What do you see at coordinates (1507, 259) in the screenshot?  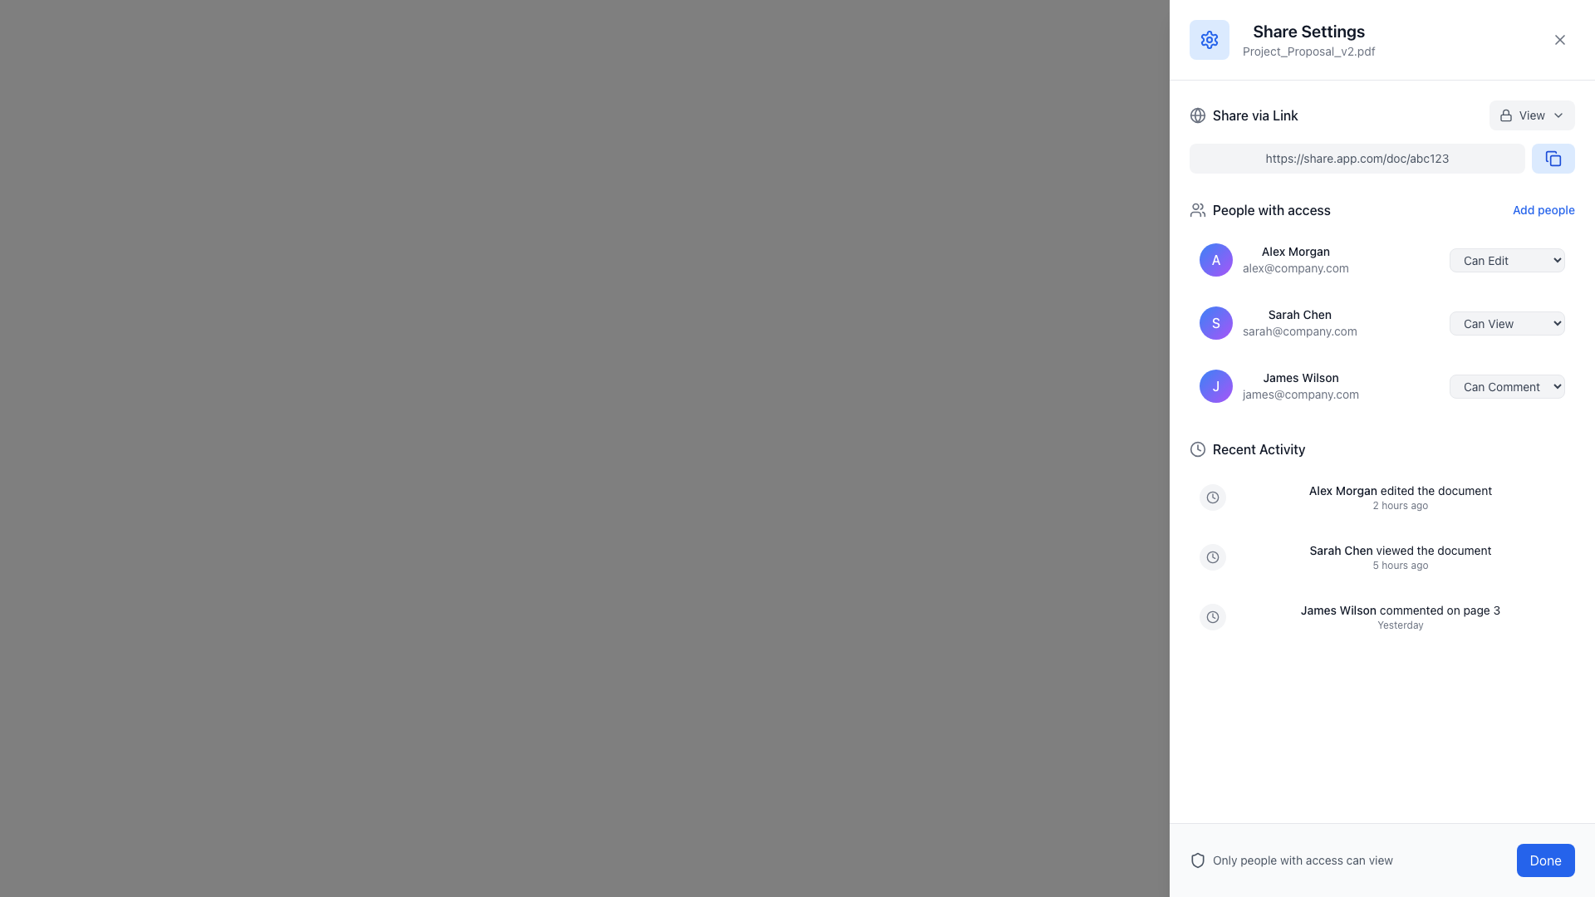 I see `the dropdown menu button for 'Alex Morgan'` at bounding box center [1507, 259].